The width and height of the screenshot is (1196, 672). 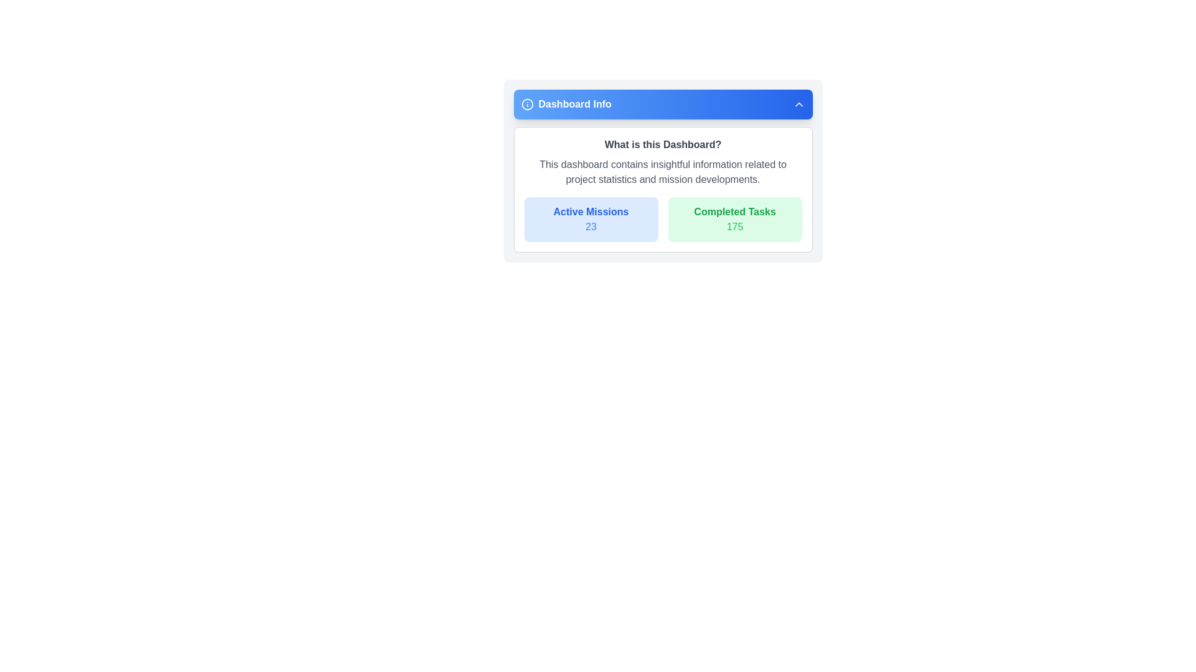 What do you see at coordinates (735, 227) in the screenshot?
I see `numerical value displayed in the Text Display that represents the count of completed tasks, located beneath the 'Completed Tasks' label within the 'Completed Tasks' card` at bounding box center [735, 227].